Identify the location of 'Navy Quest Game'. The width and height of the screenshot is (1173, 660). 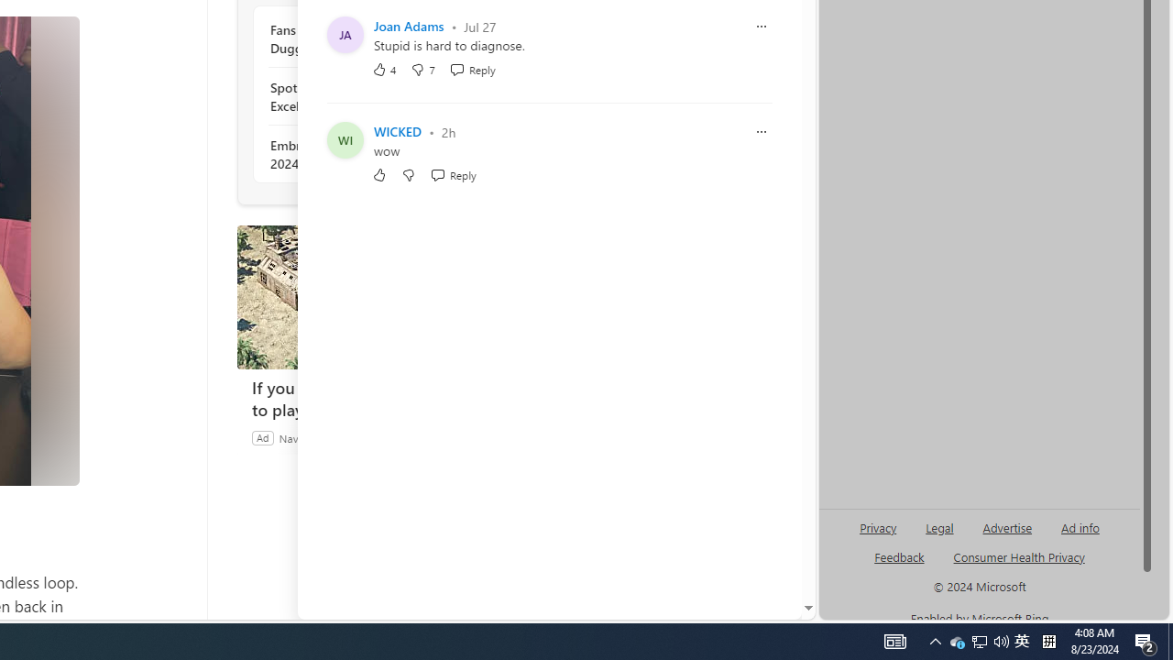
(323, 437).